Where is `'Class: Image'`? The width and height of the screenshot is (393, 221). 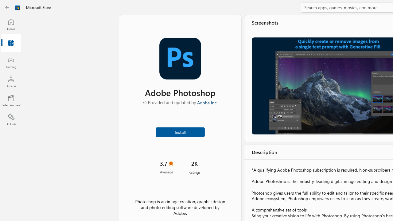 'Class: Image' is located at coordinates (18, 7).